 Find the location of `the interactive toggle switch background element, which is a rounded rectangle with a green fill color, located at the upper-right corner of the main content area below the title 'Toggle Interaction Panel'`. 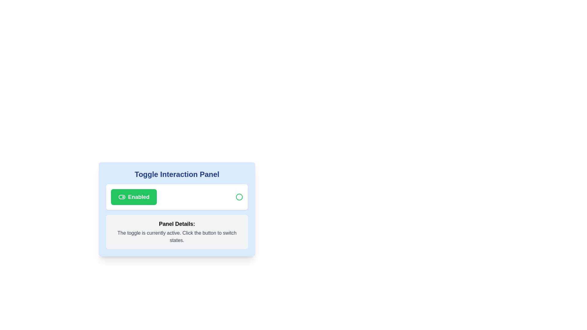

the interactive toggle switch background element, which is a rounded rectangle with a green fill color, located at the upper-right corner of the main content area below the title 'Toggle Interaction Panel' is located at coordinates (122, 197).